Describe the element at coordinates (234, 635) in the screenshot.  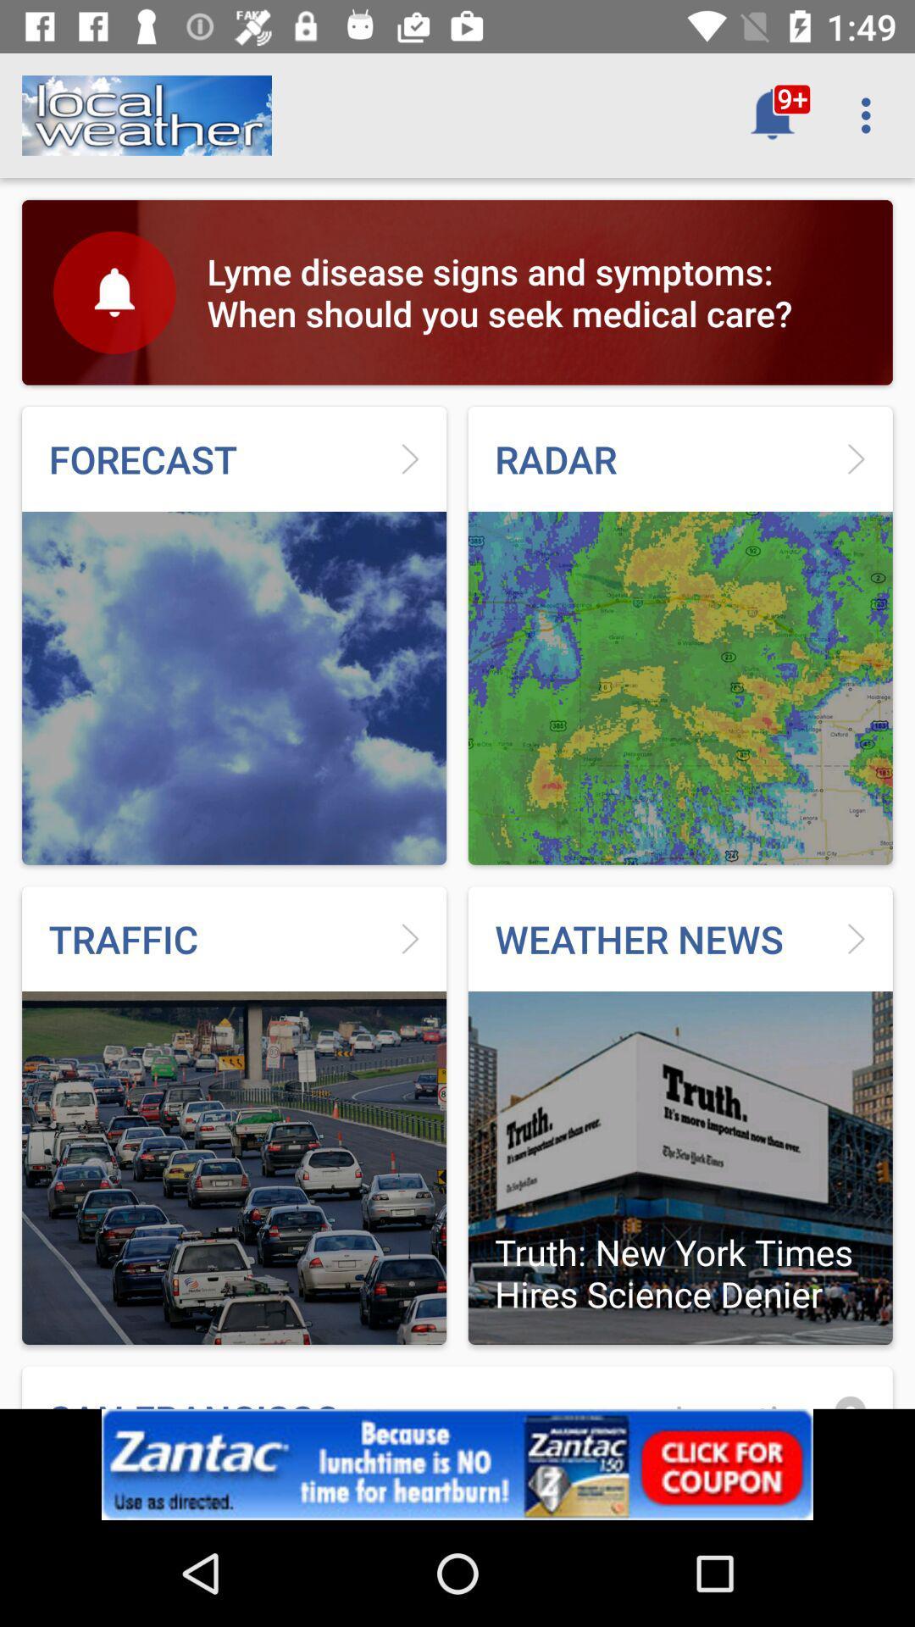
I see `the image which is above traffic on the page` at that location.